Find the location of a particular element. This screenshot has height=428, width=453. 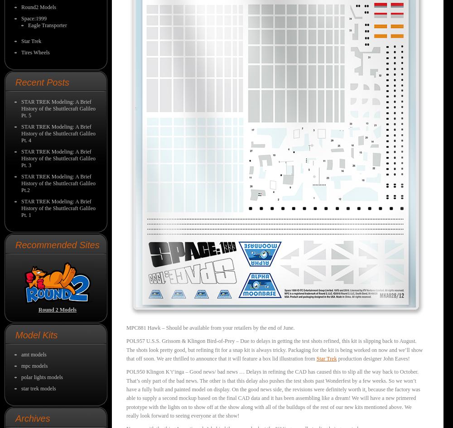

'Archives' is located at coordinates (32, 418).